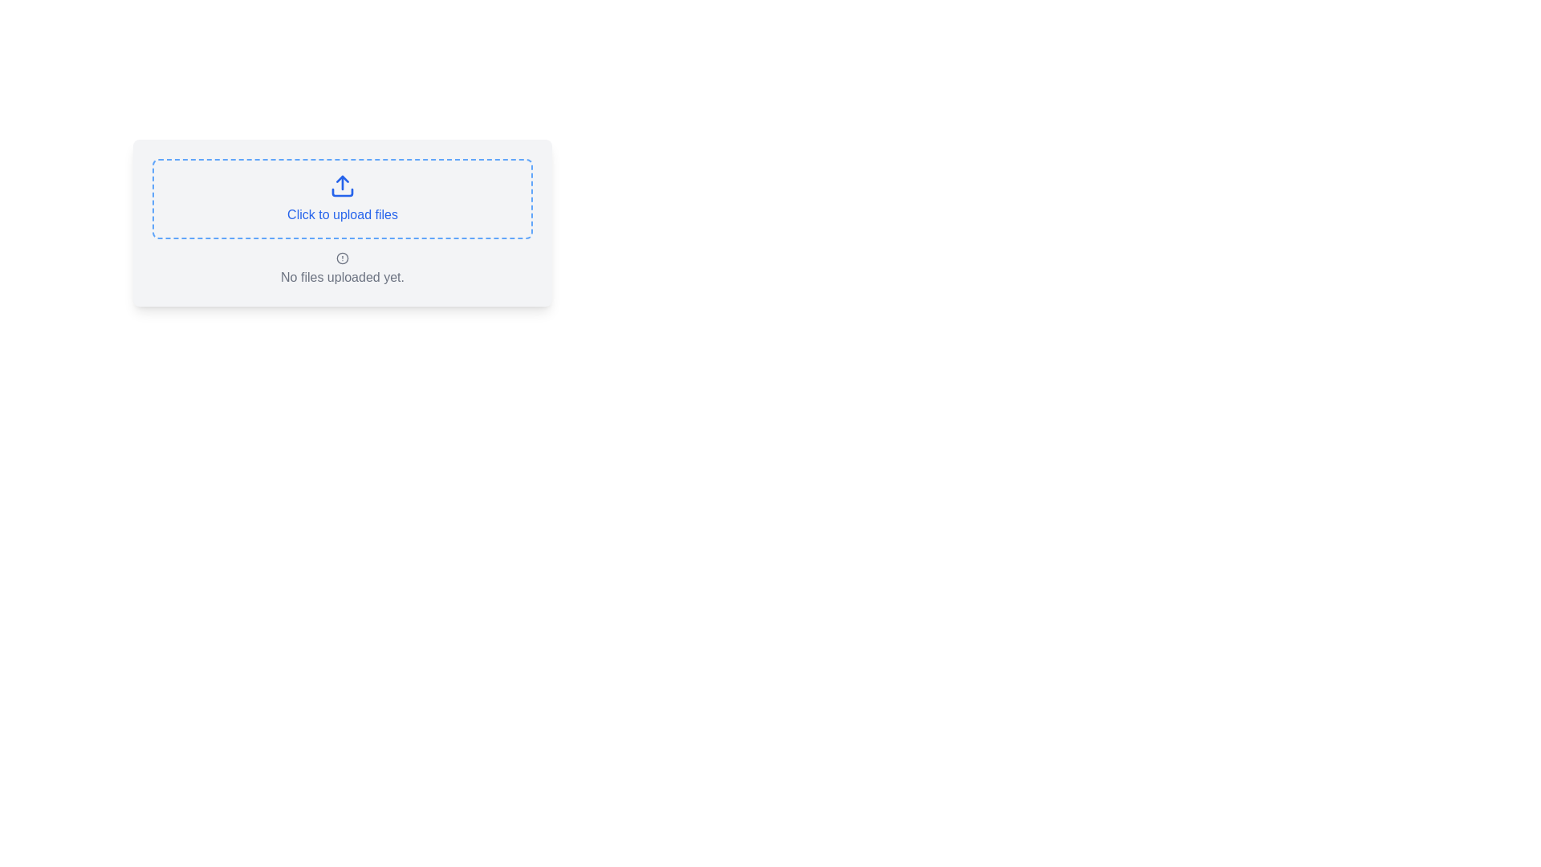  Describe the element at coordinates (342, 185) in the screenshot. I see `the SVG icon representing the upload action, which is part of a clickable area labeled 'Click to upload files' located in the upper part of the interface` at that location.